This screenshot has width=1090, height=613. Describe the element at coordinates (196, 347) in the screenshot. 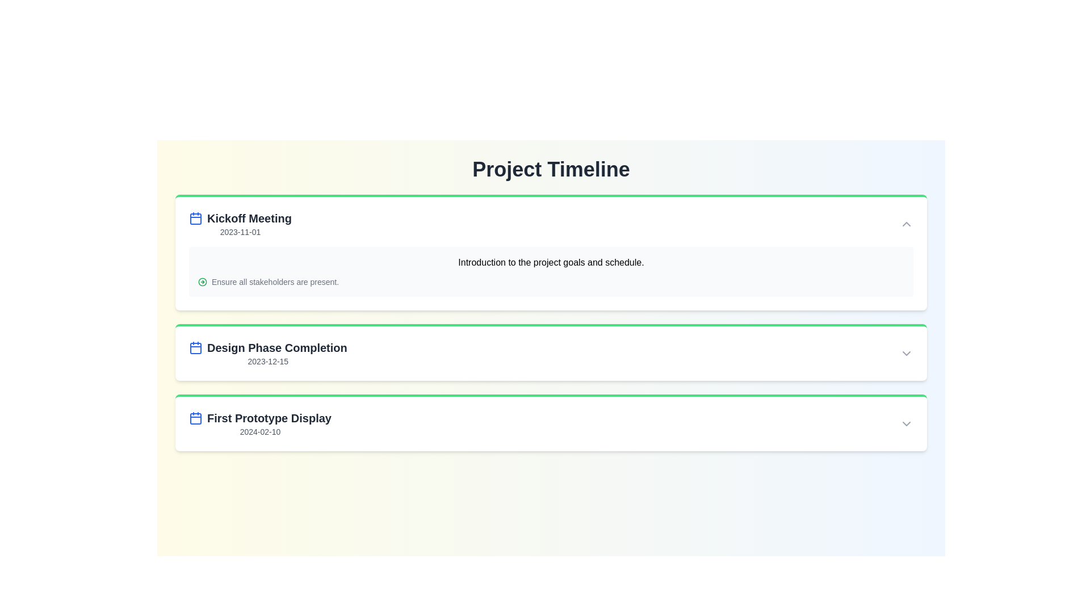

I see `the main body of the calendar icon representing the 'Kickoff Meeting' event, located to the left of its title and date` at that location.